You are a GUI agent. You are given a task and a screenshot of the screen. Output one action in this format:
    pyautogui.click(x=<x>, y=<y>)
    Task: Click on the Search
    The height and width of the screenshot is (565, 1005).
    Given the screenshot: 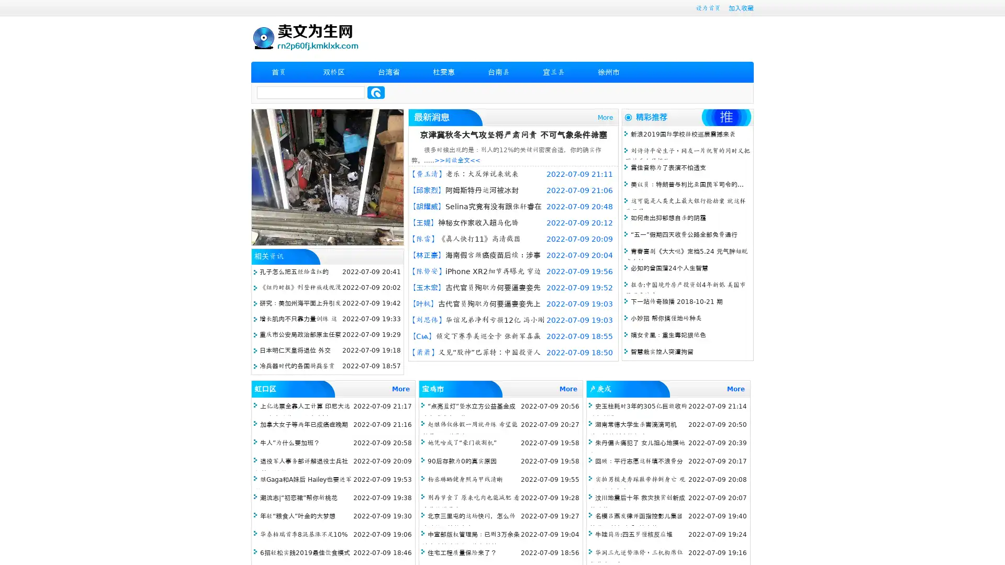 What is the action you would take?
    pyautogui.click(x=376, y=92)
    